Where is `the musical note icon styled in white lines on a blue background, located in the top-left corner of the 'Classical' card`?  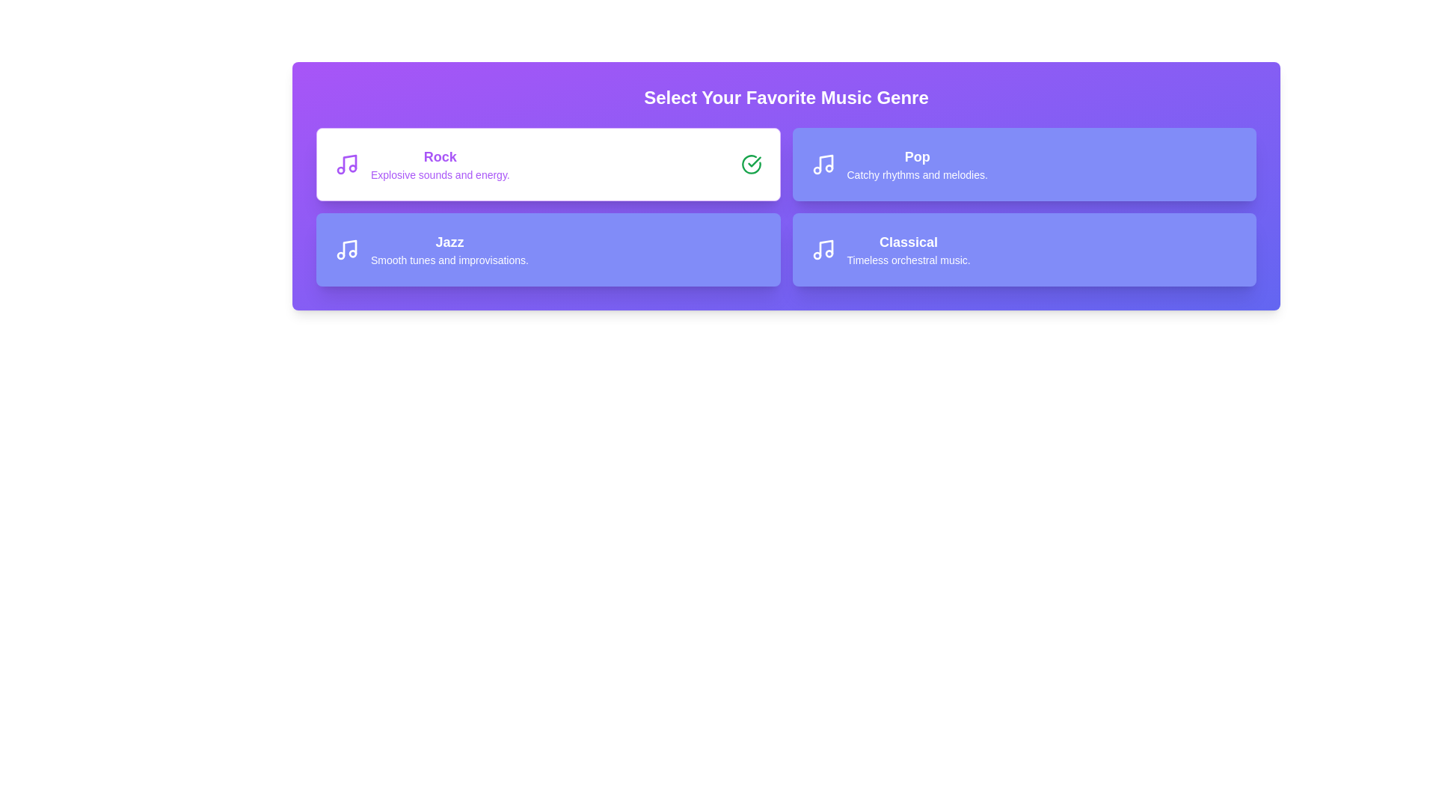
the musical note icon styled in white lines on a blue background, located in the top-left corner of the 'Classical' card is located at coordinates (822, 249).